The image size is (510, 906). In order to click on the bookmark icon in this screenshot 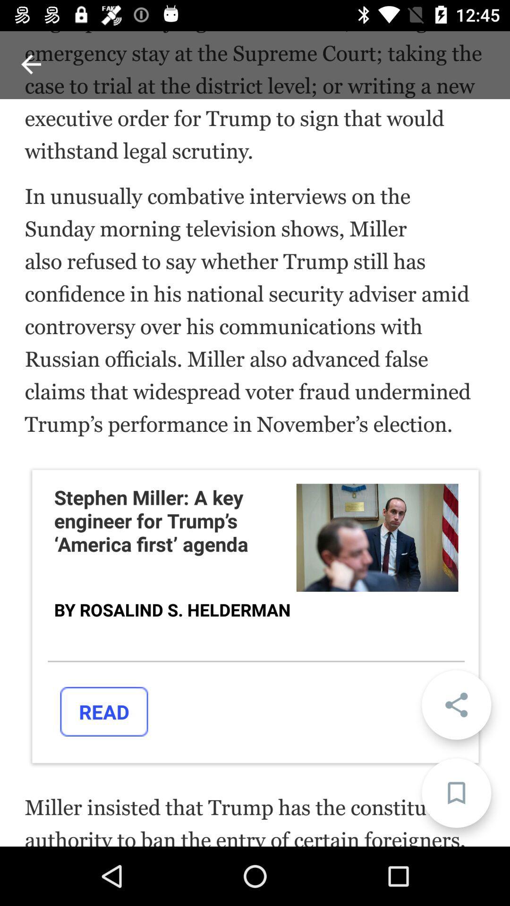, I will do `click(456, 793)`.